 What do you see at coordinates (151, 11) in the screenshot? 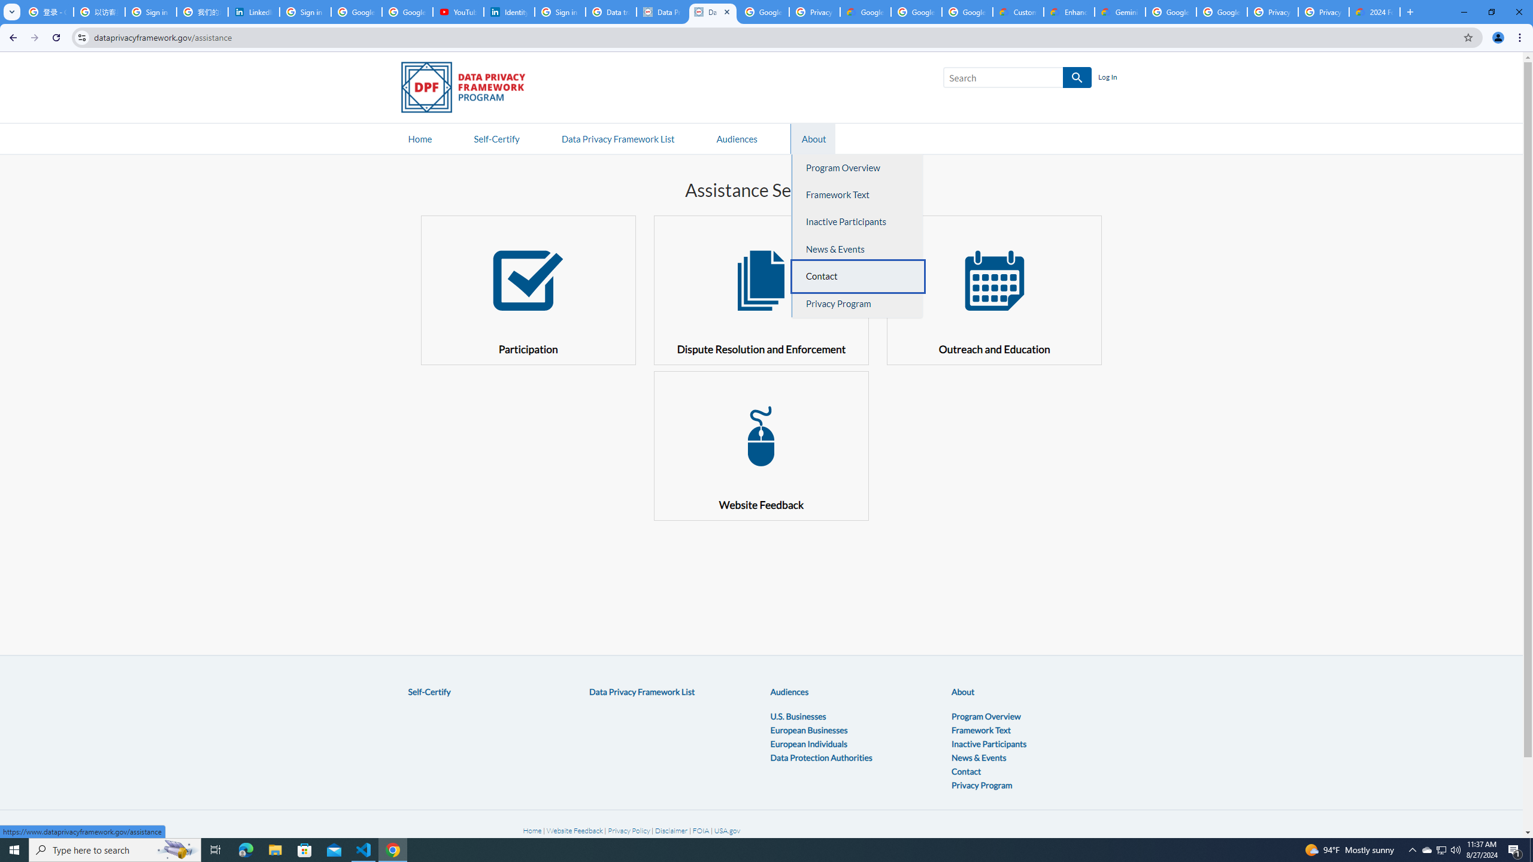
I see `'Sign in - Google Accounts'` at bounding box center [151, 11].